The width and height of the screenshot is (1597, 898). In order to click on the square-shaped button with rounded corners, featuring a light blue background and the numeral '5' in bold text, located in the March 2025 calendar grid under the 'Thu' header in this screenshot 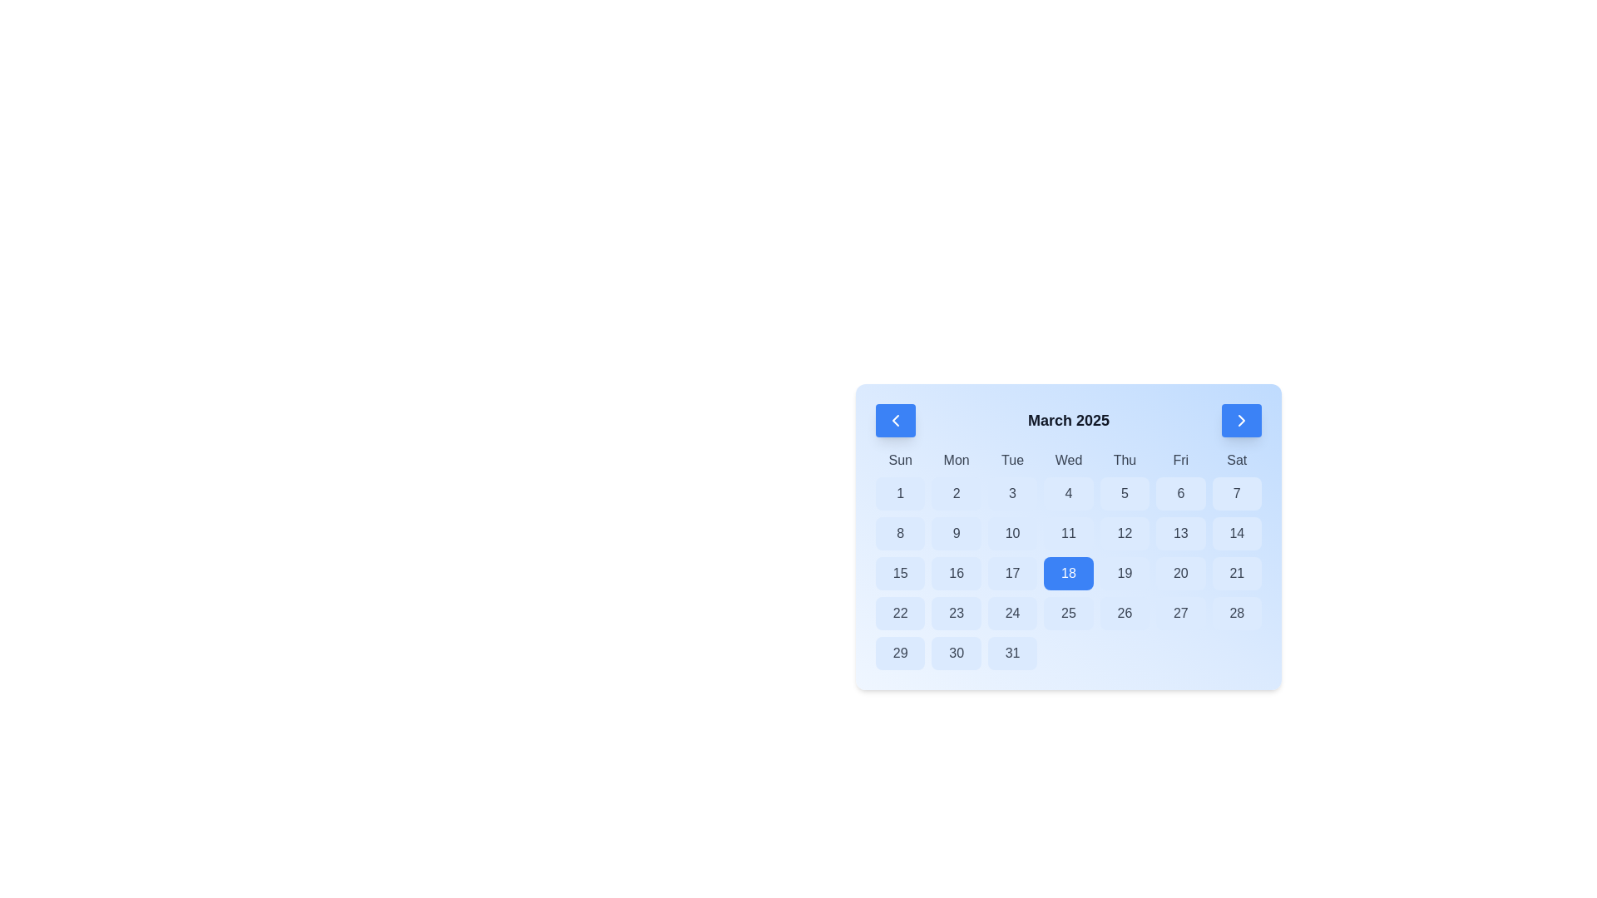, I will do `click(1125, 493)`.